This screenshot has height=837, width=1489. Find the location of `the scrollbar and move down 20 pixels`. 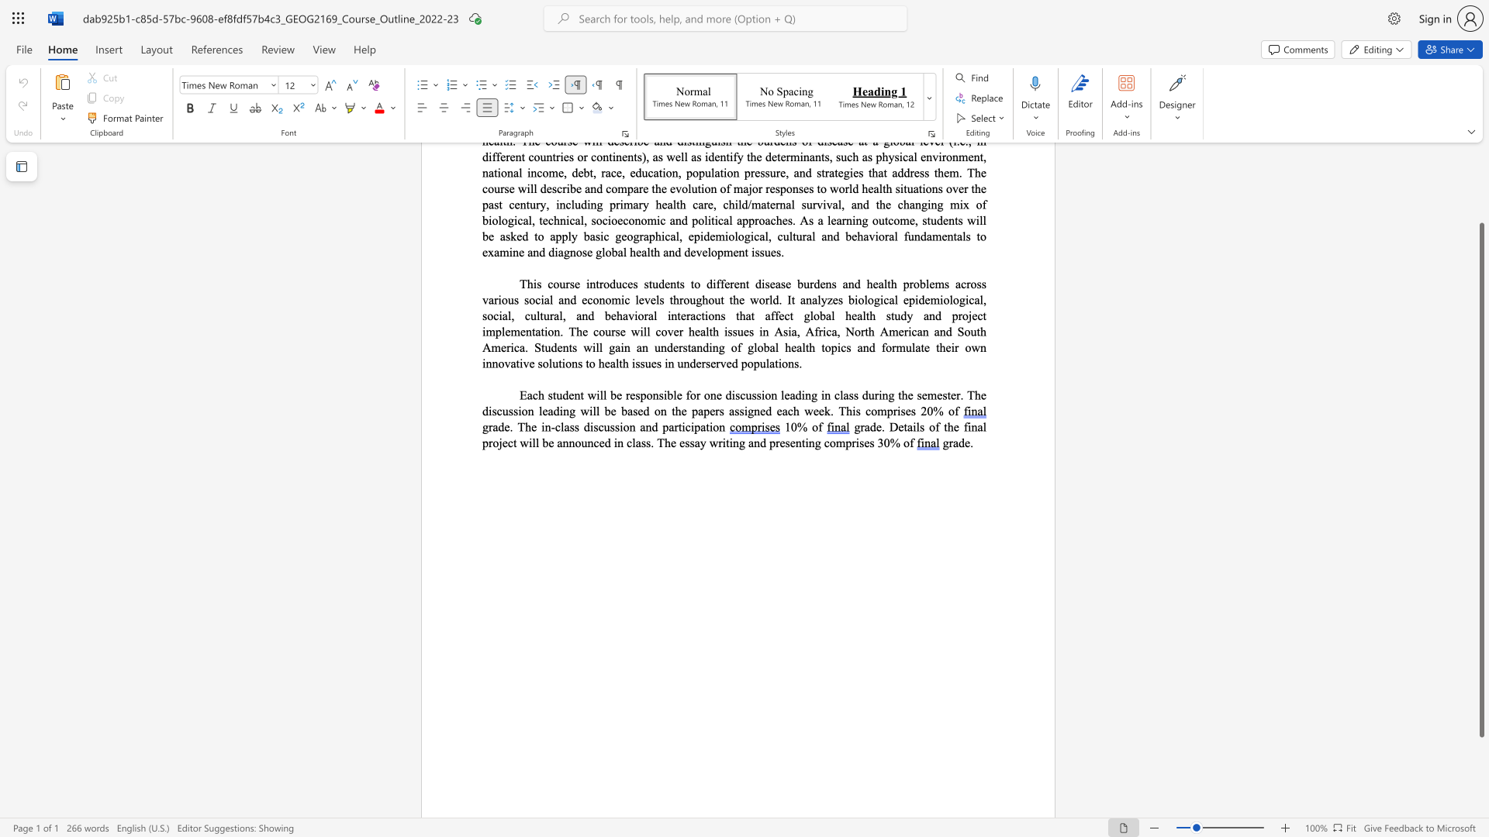

the scrollbar and move down 20 pixels is located at coordinates (1480, 479).